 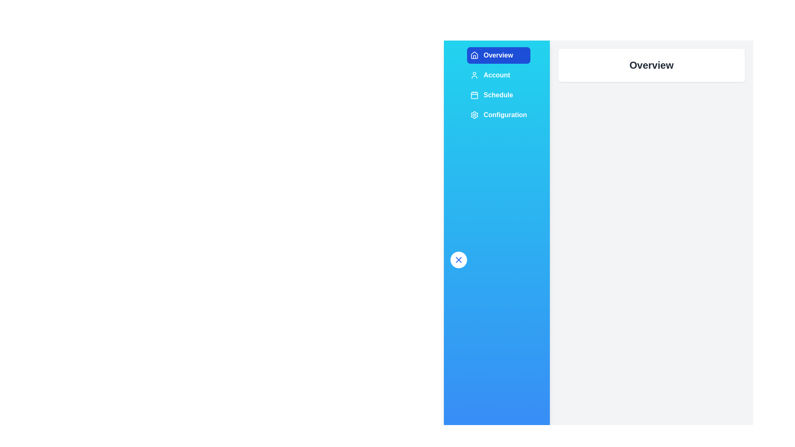 What do you see at coordinates (498, 95) in the screenshot?
I see `the section Schedule in the sidebar` at bounding box center [498, 95].